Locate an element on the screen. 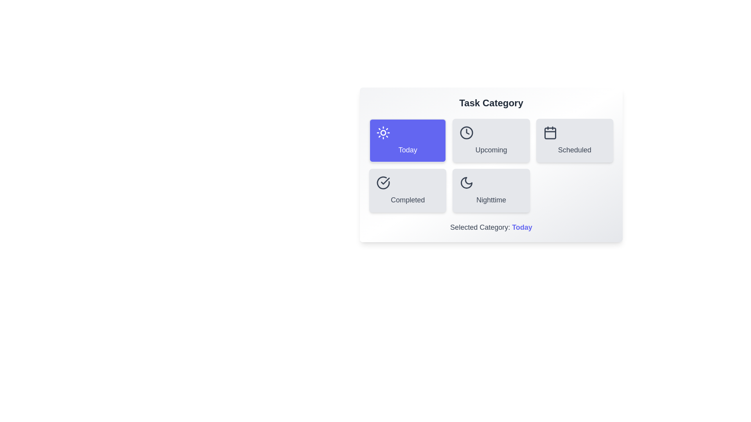  the icon of the Completed category button is located at coordinates (383, 182).